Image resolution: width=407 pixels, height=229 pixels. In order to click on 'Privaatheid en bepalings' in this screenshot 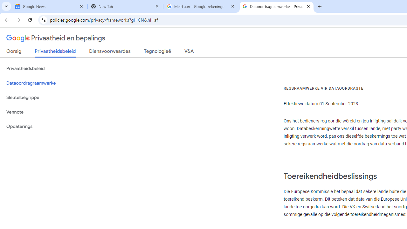, I will do `click(56, 38)`.